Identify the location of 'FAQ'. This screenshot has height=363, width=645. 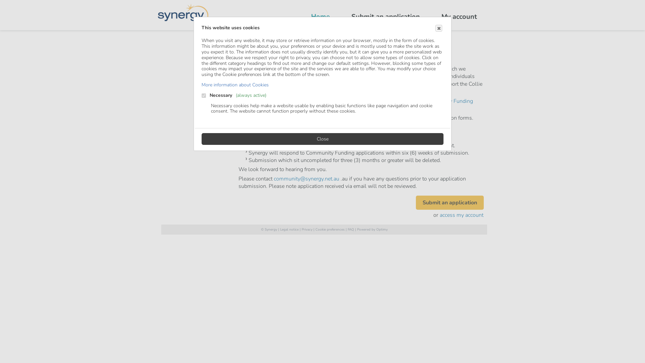
(347, 229).